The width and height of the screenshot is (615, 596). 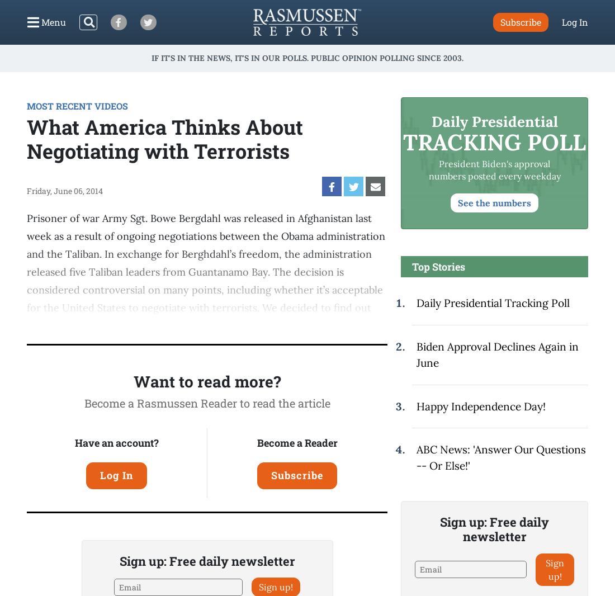 What do you see at coordinates (164, 138) in the screenshot?
I see `'What America Thinks About Negotiating with Terrorists'` at bounding box center [164, 138].